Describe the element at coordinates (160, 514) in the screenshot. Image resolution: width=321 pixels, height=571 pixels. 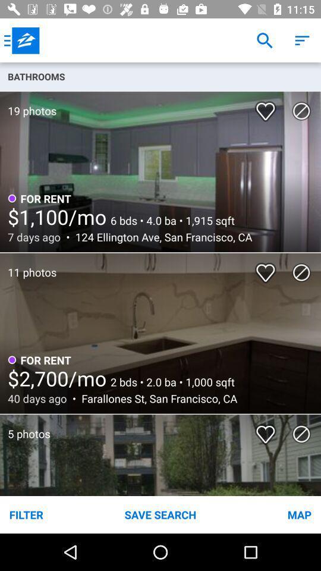
I see `the item next to filter item` at that location.